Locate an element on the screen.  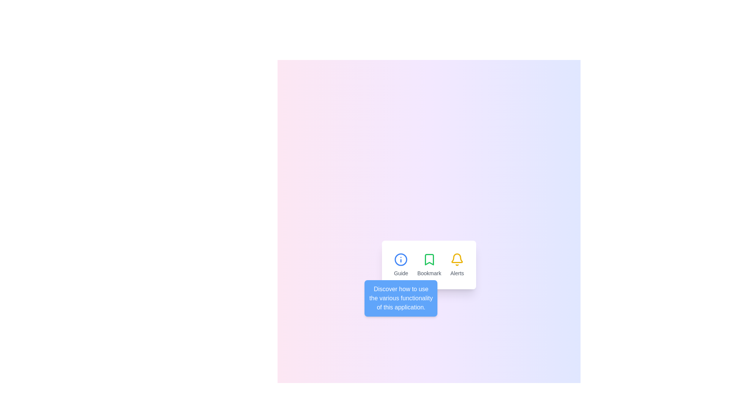
the tooltip with the blue background containing the text 'Discover how to use the various functionality of this application.' for accessibility is located at coordinates (401, 298).